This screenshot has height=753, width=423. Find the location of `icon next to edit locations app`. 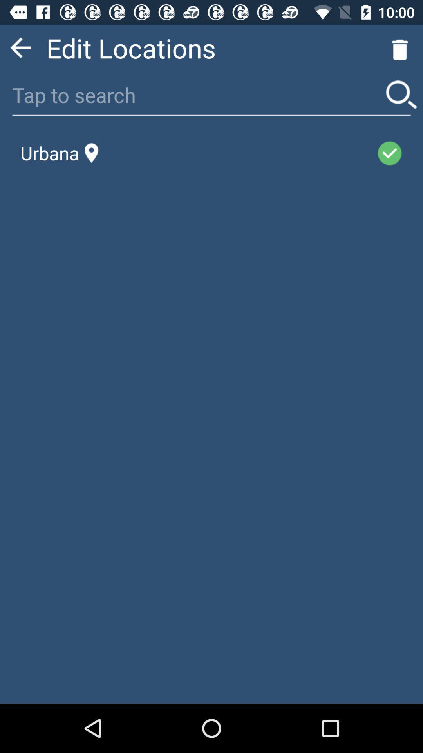

icon next to edit locations app is located at coordinates (20, 47).